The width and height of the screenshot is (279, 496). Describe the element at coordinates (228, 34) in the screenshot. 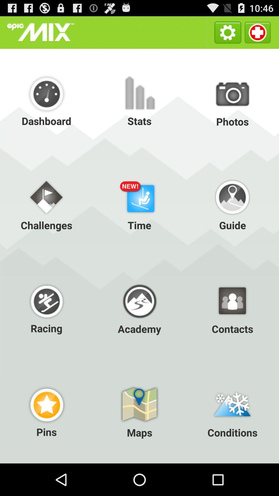

I see `the settings icon` at that location.